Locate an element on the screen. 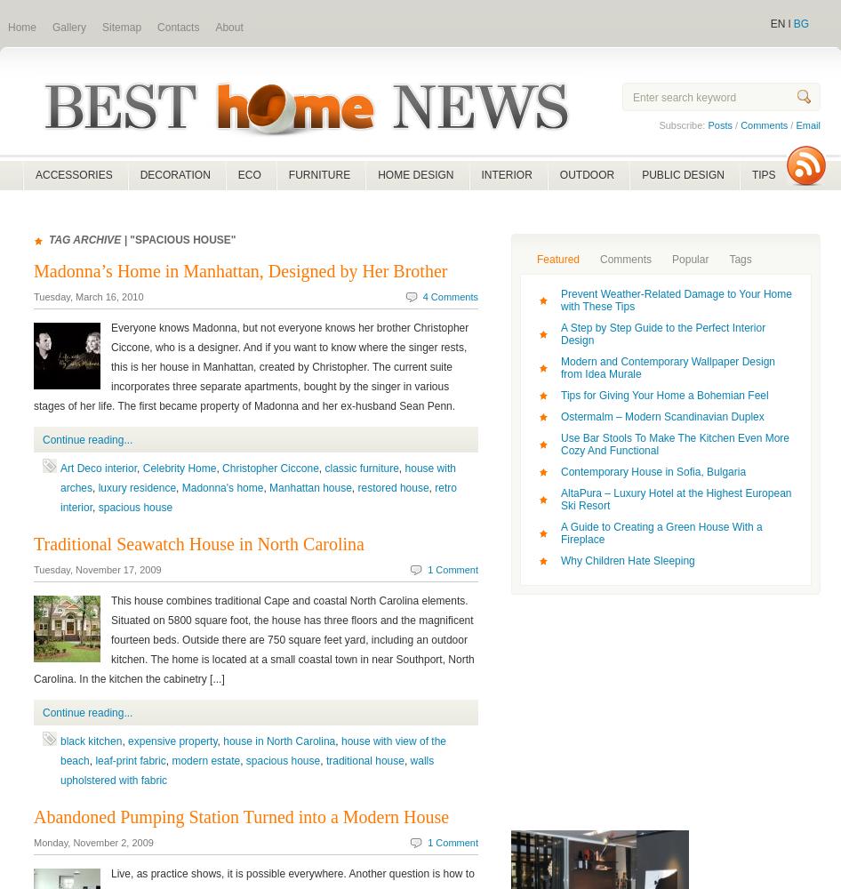 This screenshot has width=841, height=889. 'PUBLIC DESIGN' is located at coordinates (681, 174).